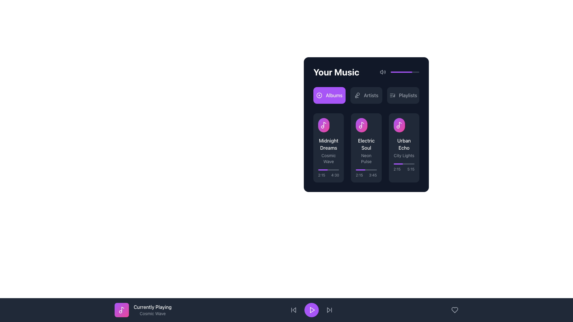 This screenshot has height=322, width=573. I want to click on the text label displaying the duration '3:45', which is styled with a small font size and light gray color, located at the bottom of the card for the 'Electric Soul' album in the 'Your Music' section, so click(372, 175).